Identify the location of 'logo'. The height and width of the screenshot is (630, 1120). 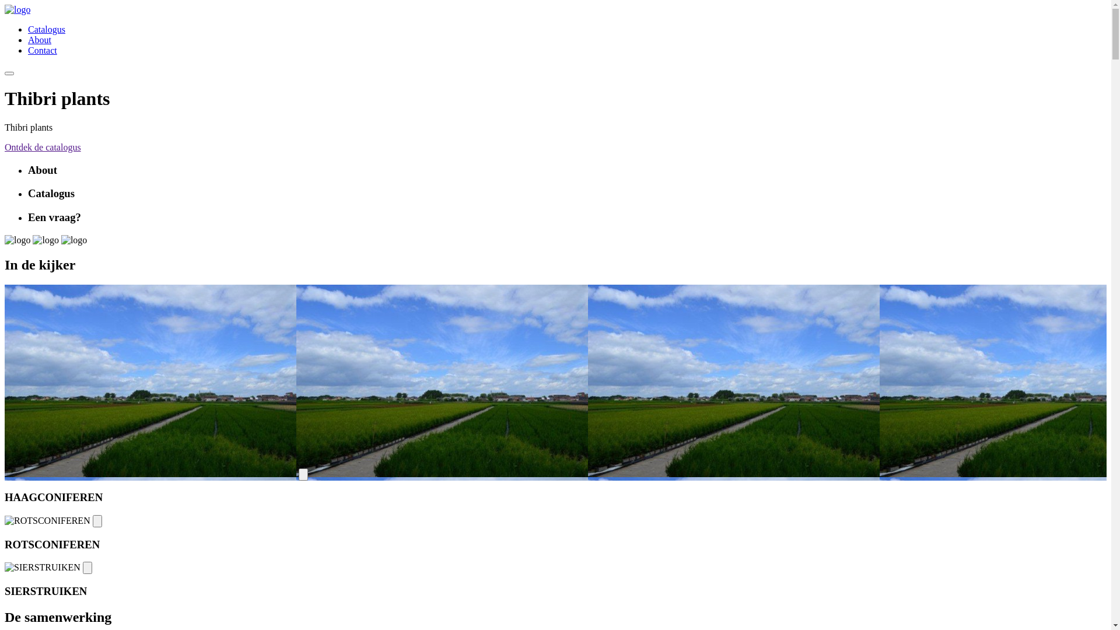
(17, 240).